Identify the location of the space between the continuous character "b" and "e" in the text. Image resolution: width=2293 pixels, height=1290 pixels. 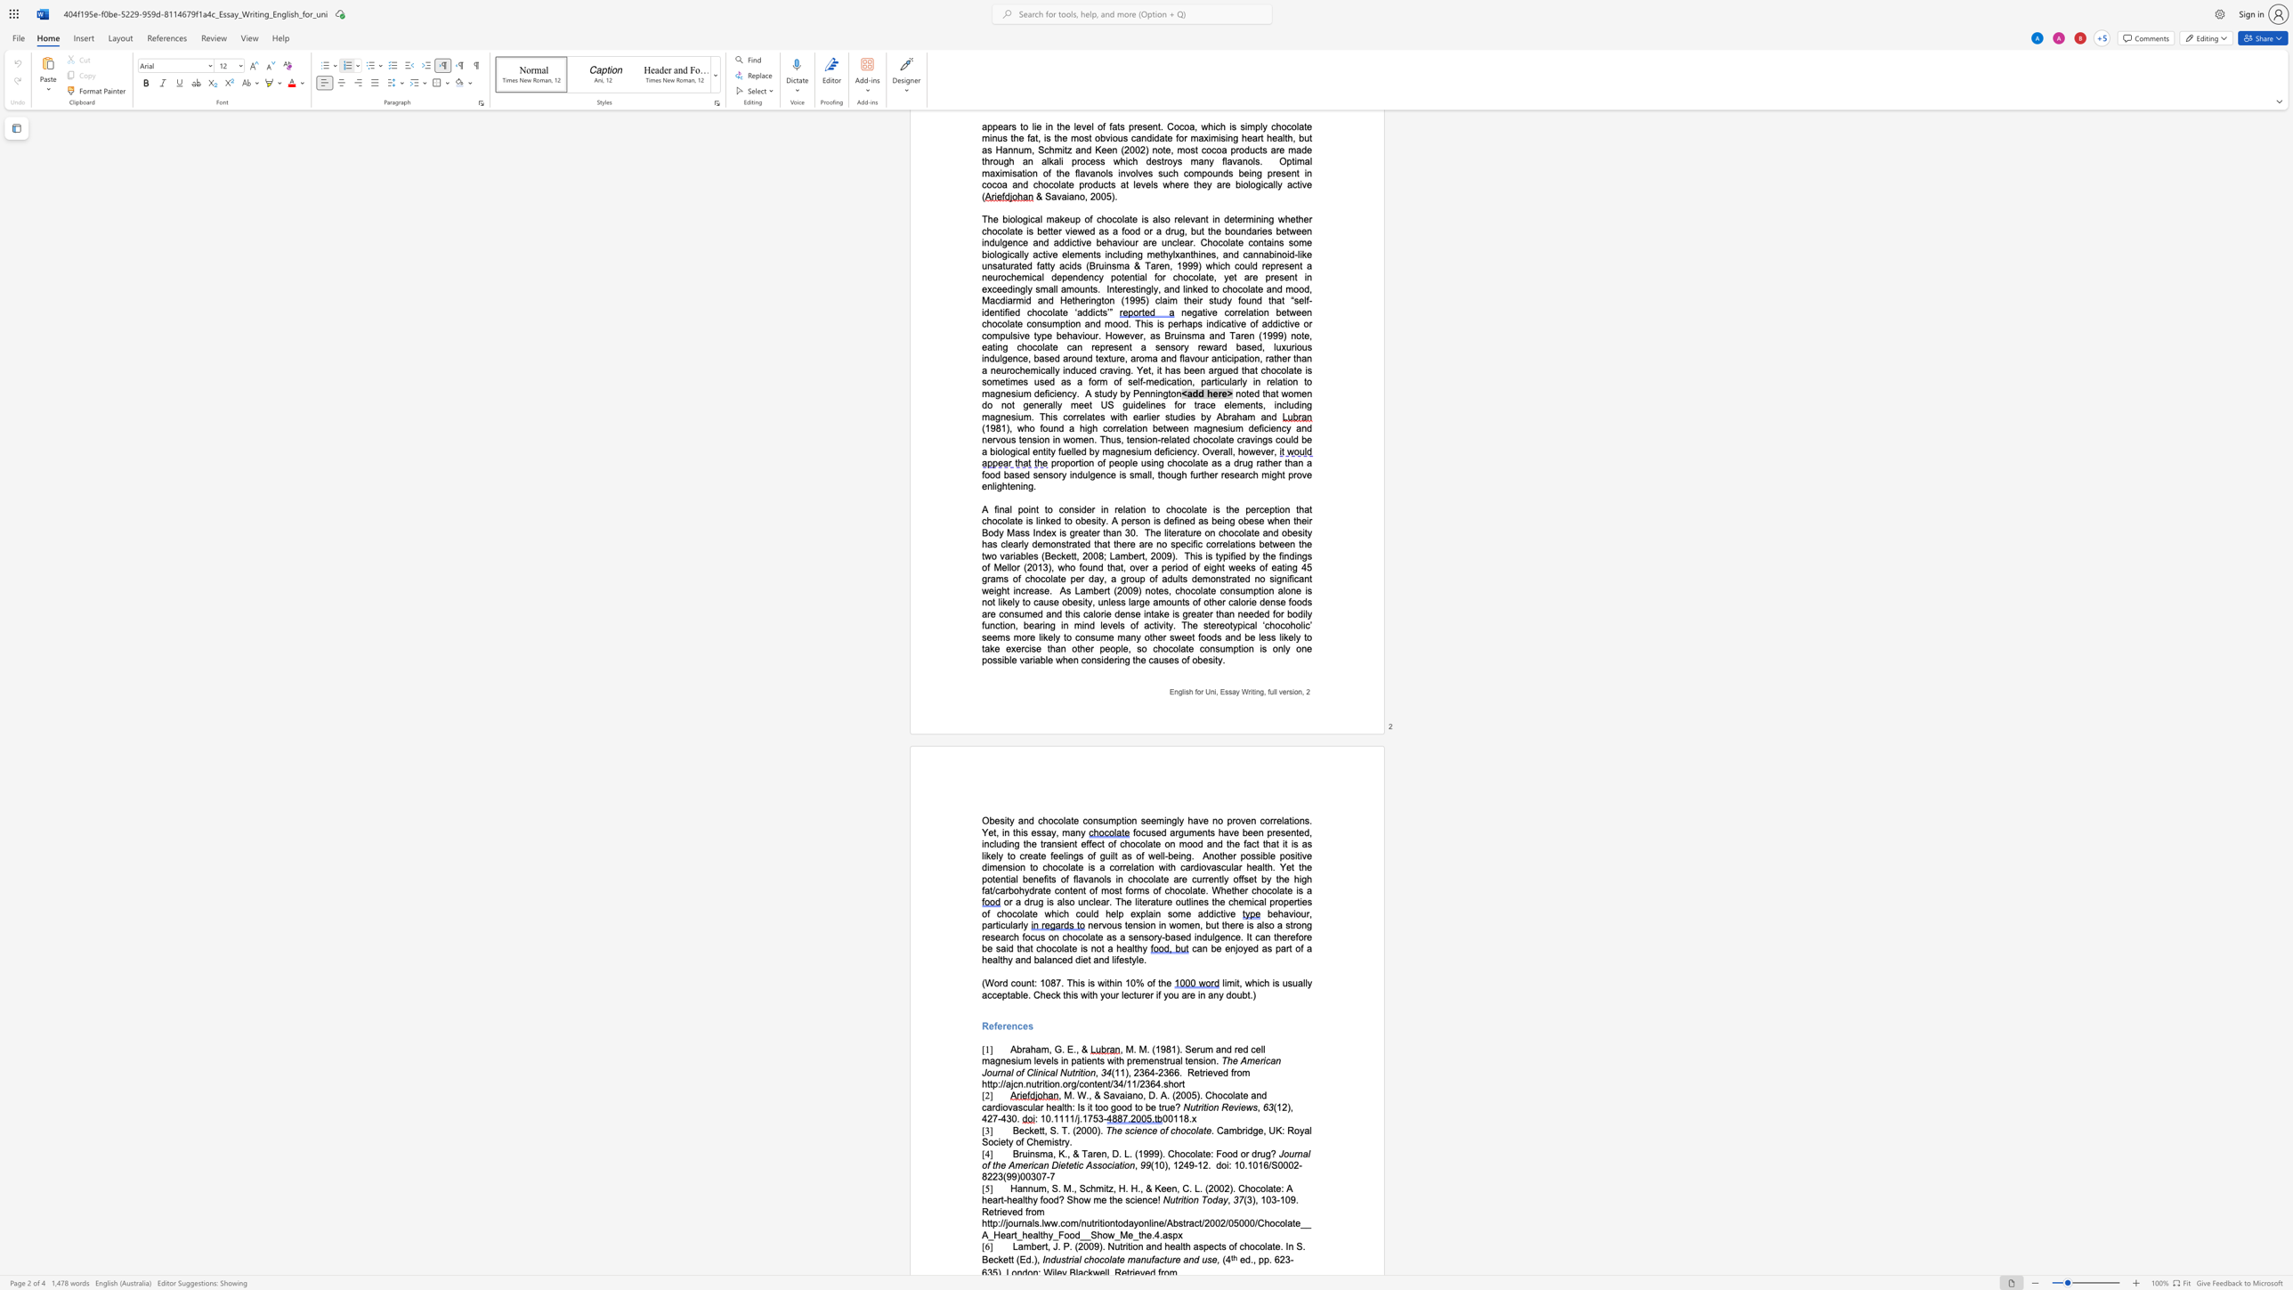
(1150, 1107).